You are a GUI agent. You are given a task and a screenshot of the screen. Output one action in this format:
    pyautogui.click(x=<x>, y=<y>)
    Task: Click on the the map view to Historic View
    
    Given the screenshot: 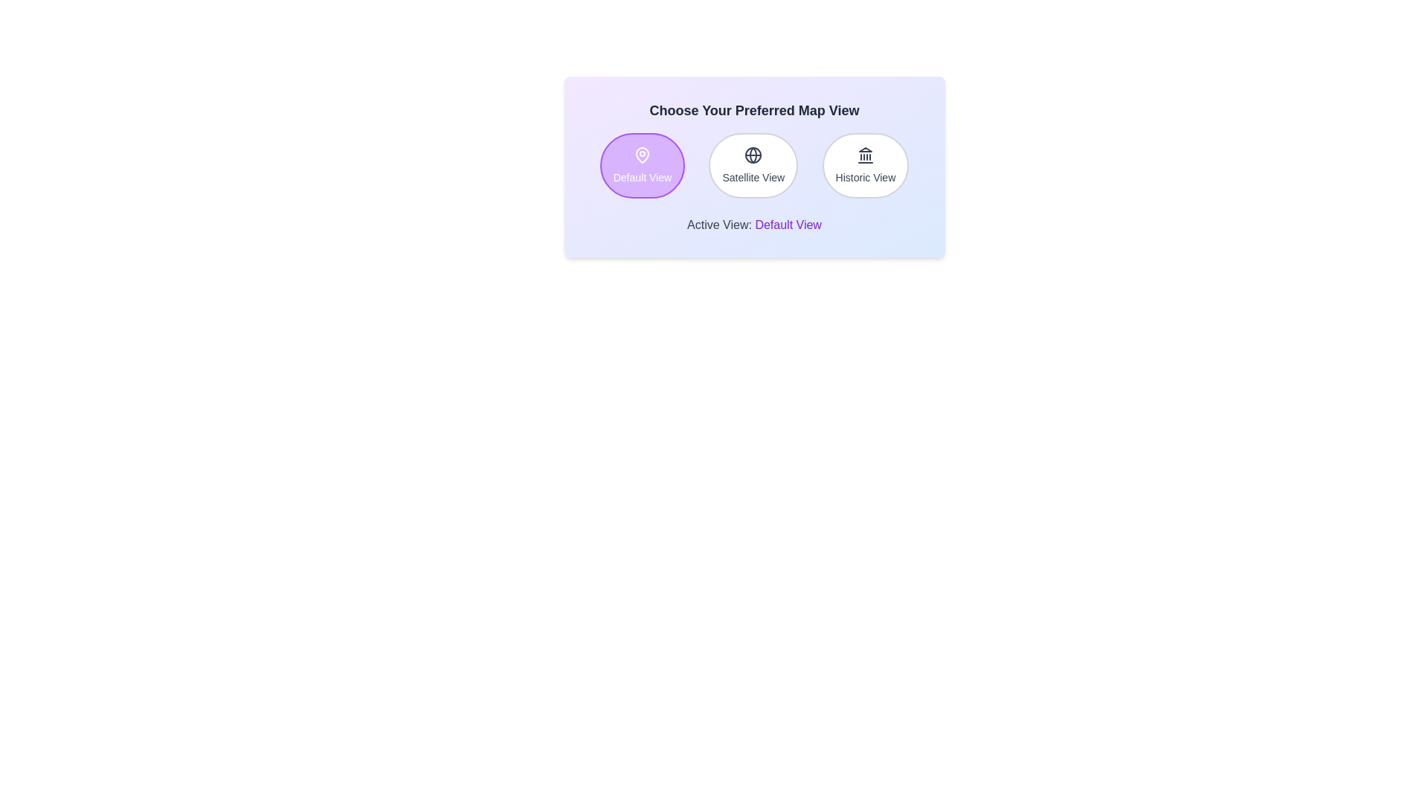 What is the action you would take?
    pyautogui.click(x=865, y=166)
    